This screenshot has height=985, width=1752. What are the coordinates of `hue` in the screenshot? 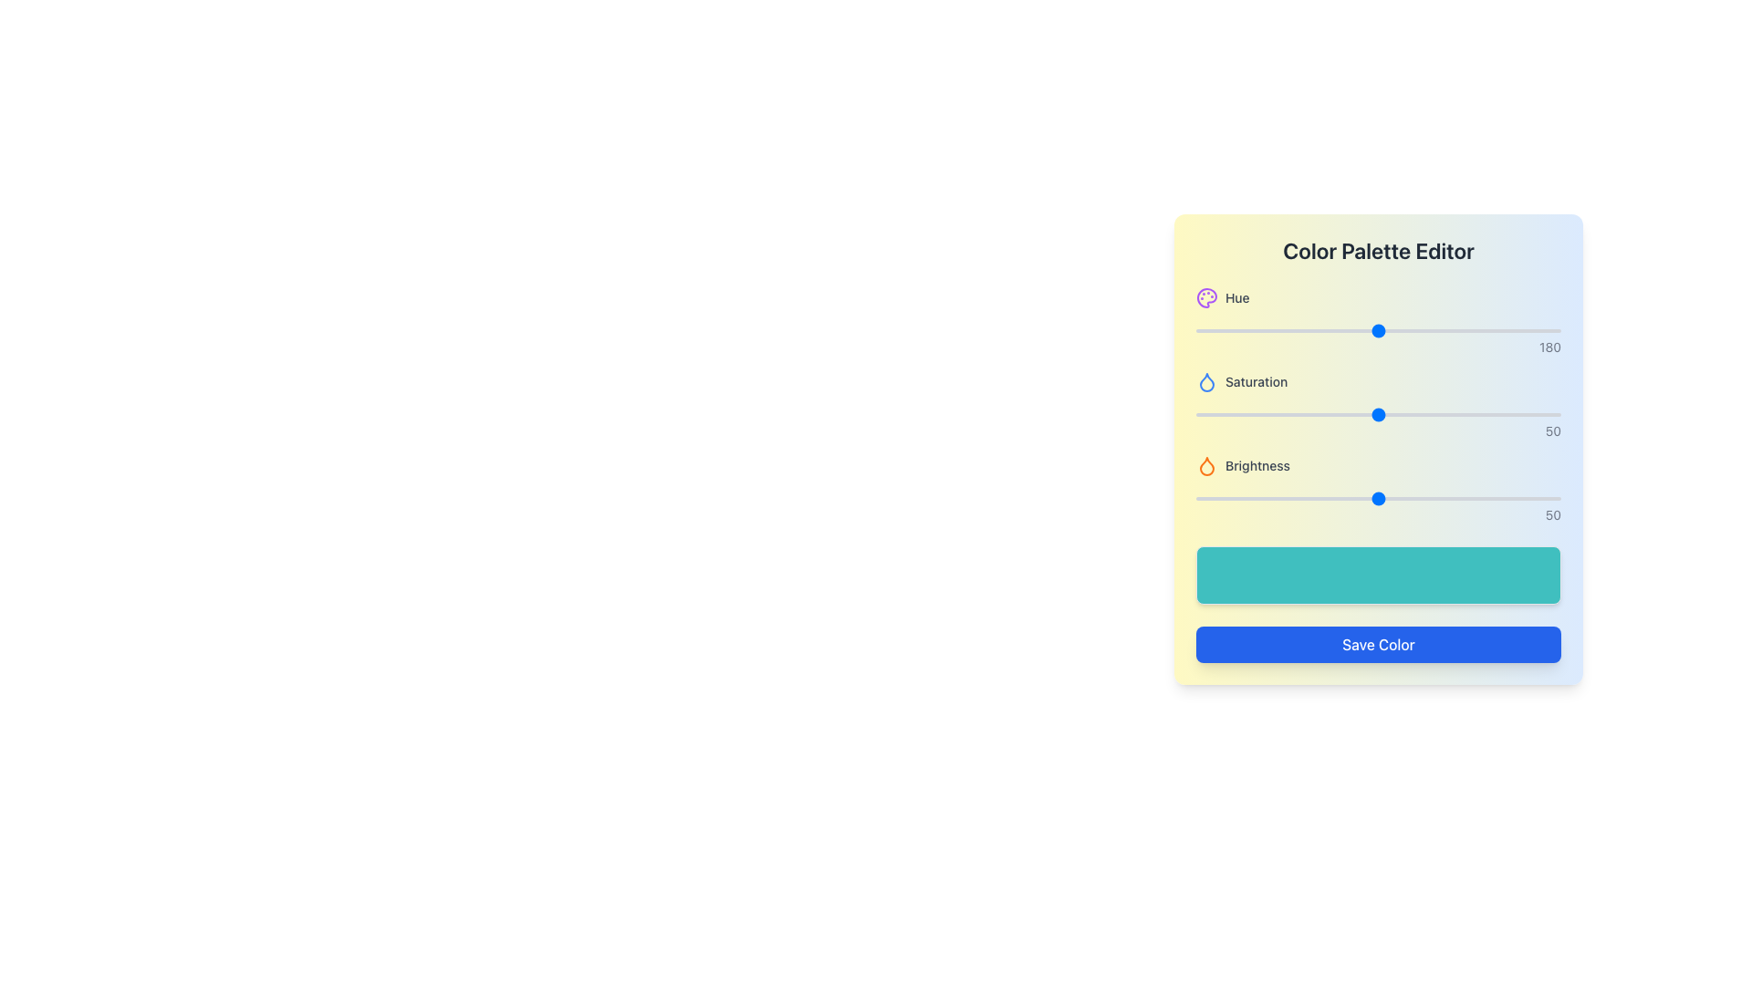 It's located at (1239, 330).